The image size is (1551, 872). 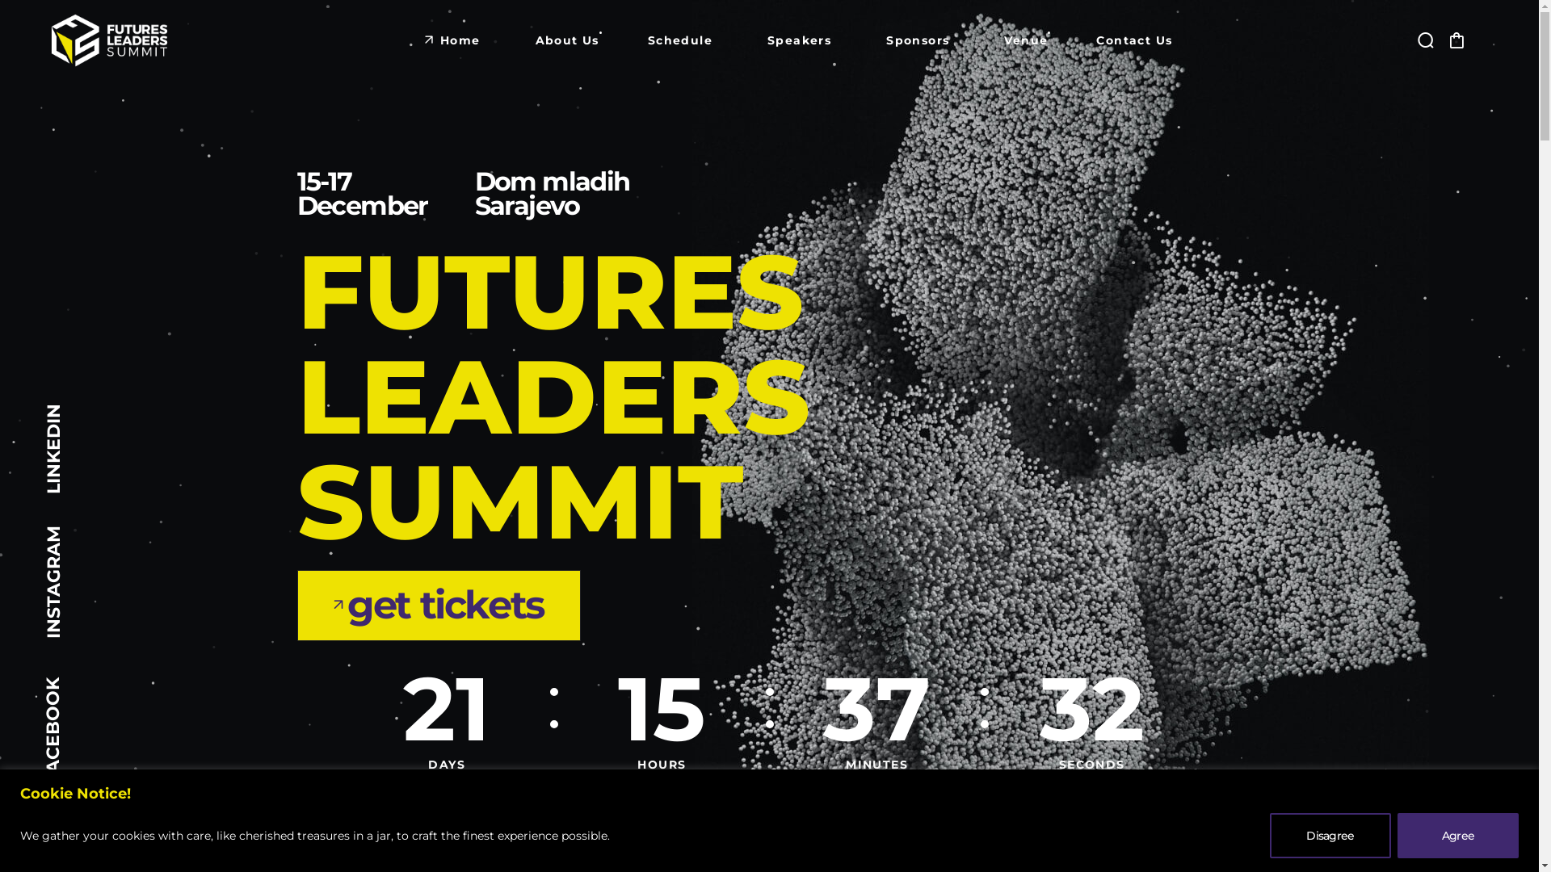 What do you see at coordinates (1457, 834) in the screenshot?
I see `'Agree'` at bounding box center [1457, 834].